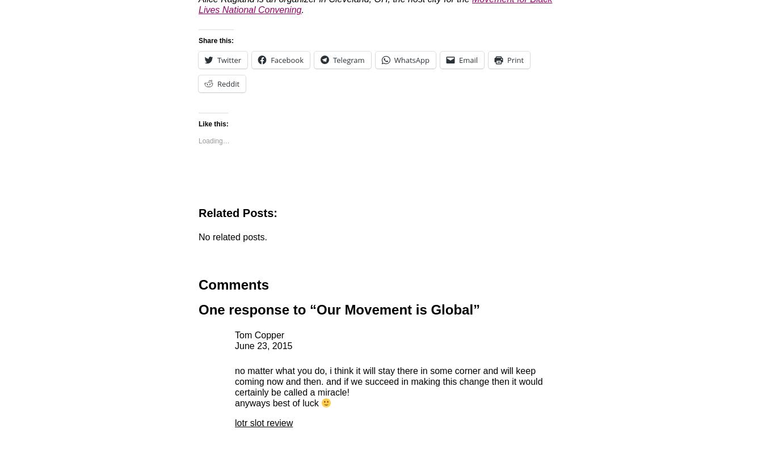 This screenshot has height=463, width=766. I want to click on 'Like this:', so click(199, 124).